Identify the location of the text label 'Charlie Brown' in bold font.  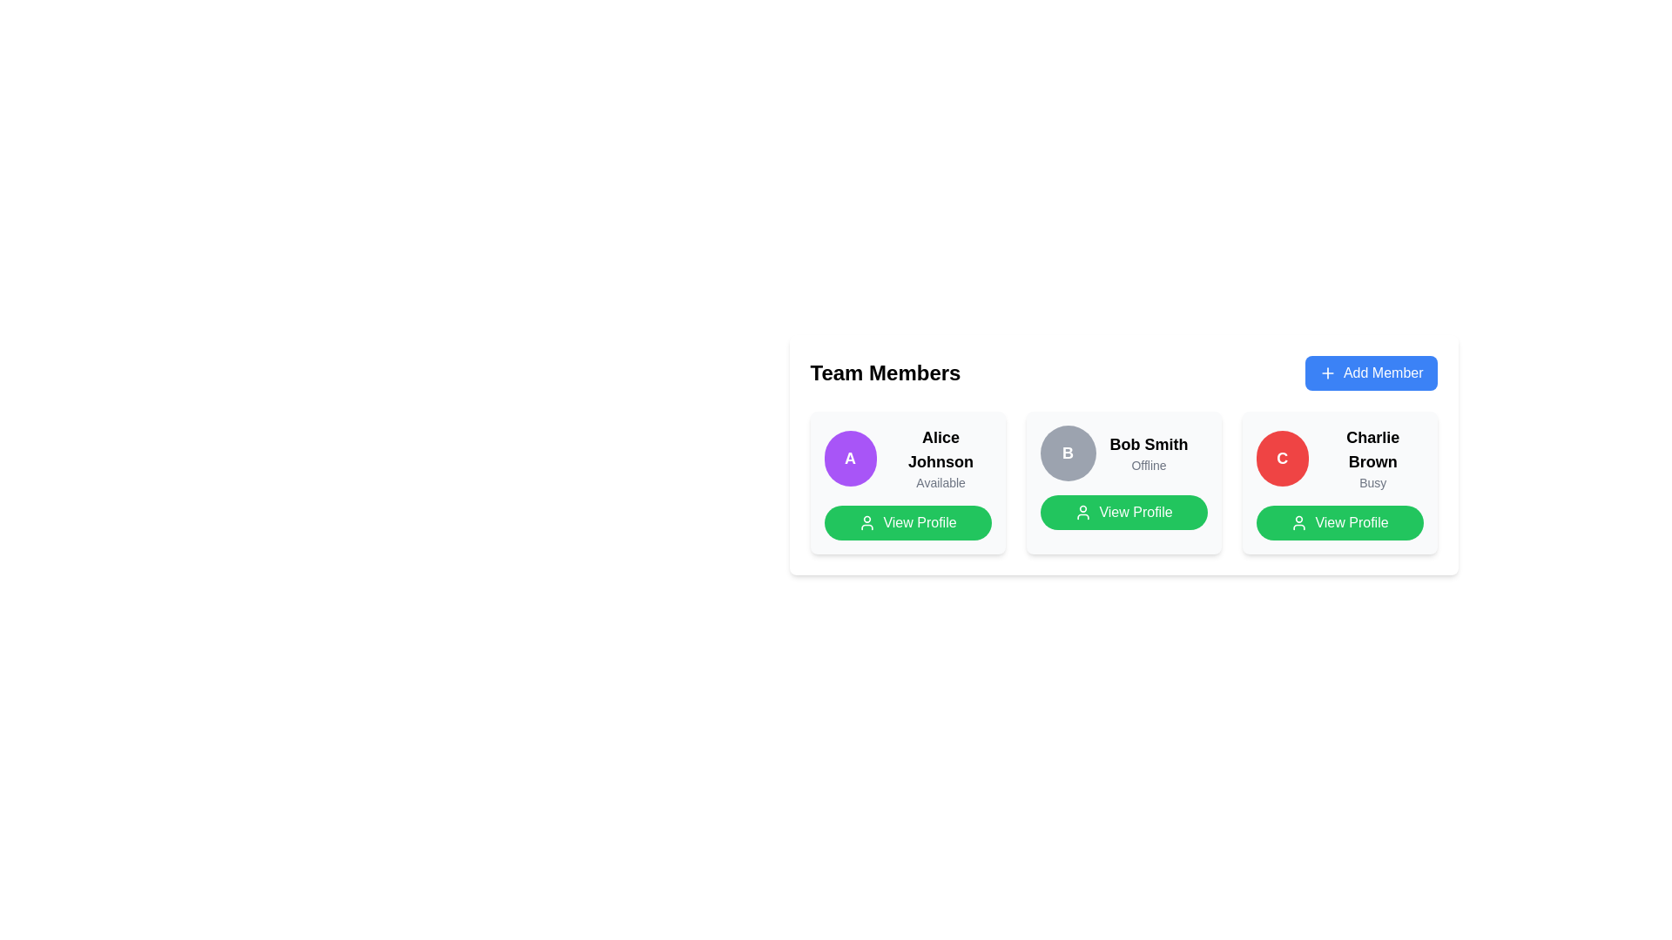
(1372, 458).